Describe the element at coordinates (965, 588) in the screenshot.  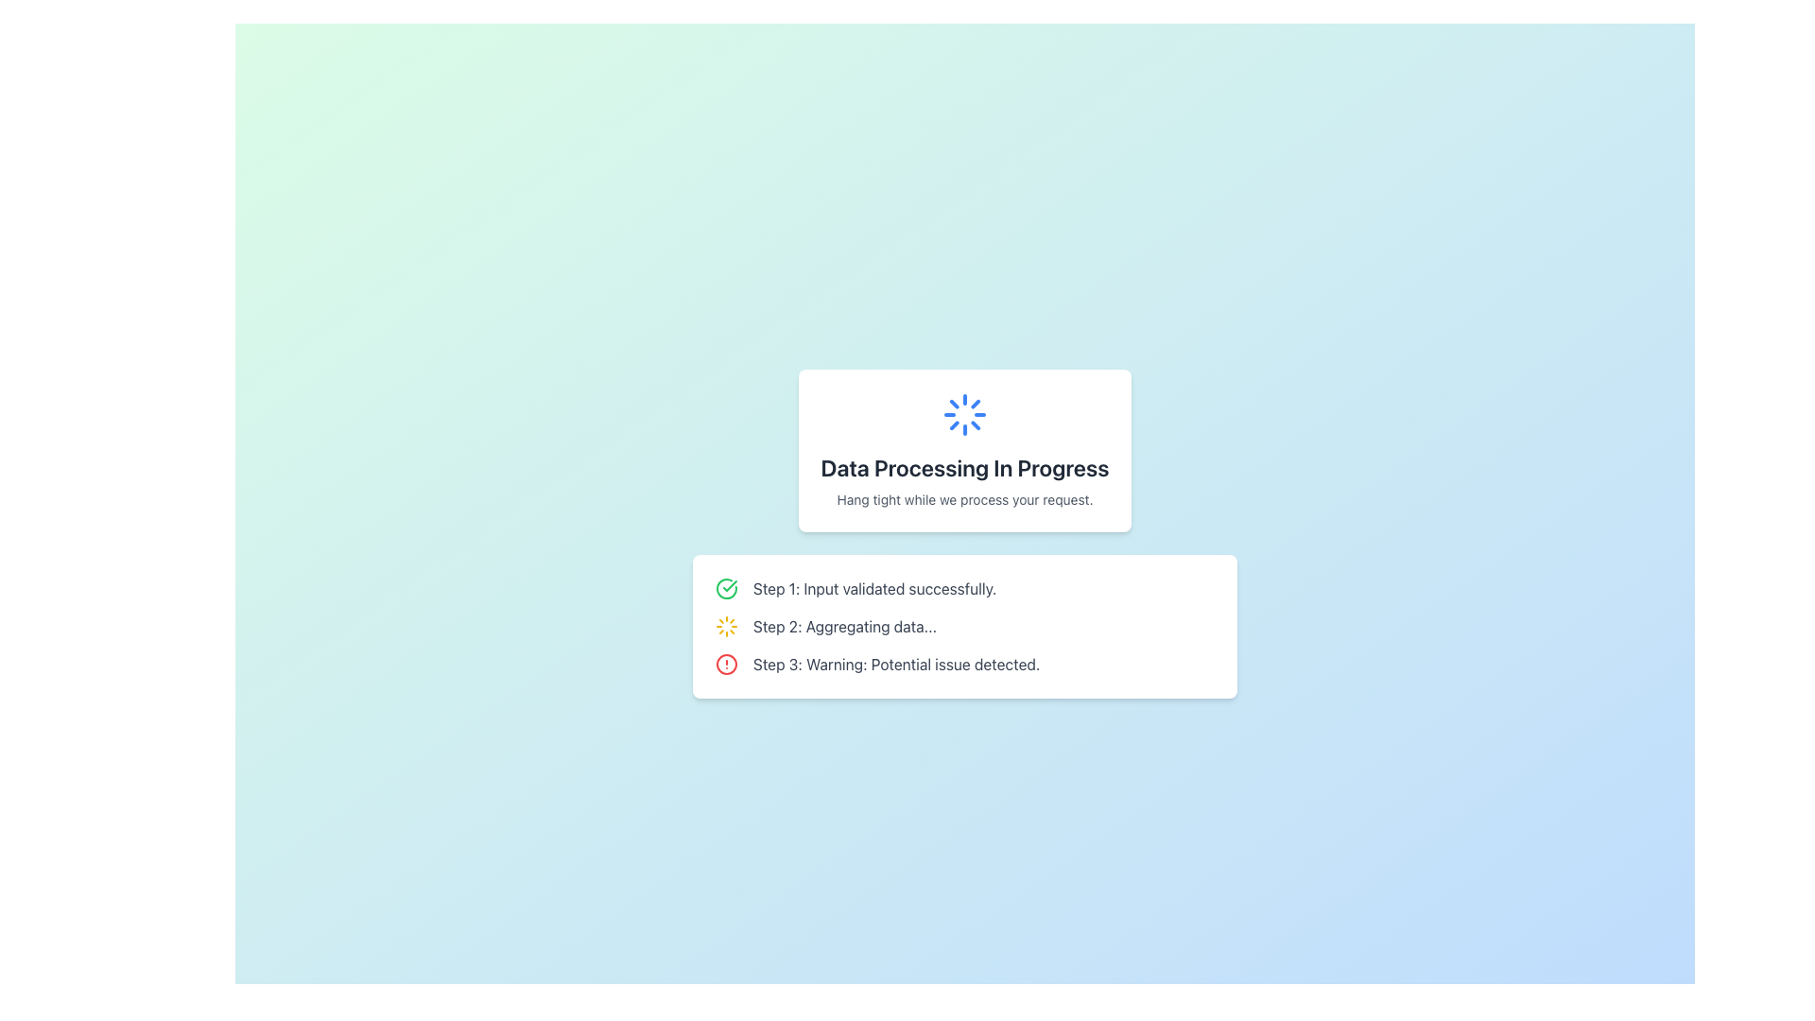
I see `the status indicator displaying 'Step 1' in the process, which confirms successful input validation. This element is located within a white card, above 'Step 2: Aggregating data...' and below the header 'Data Processing In Progress.'` at that location.